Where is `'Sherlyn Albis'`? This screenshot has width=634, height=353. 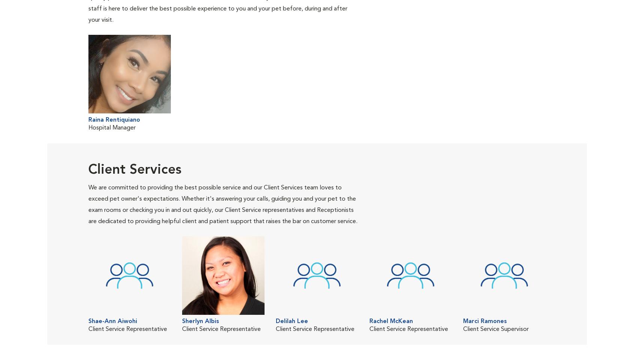
'Sherlyn Albis' is located at coordinates (200, 321).